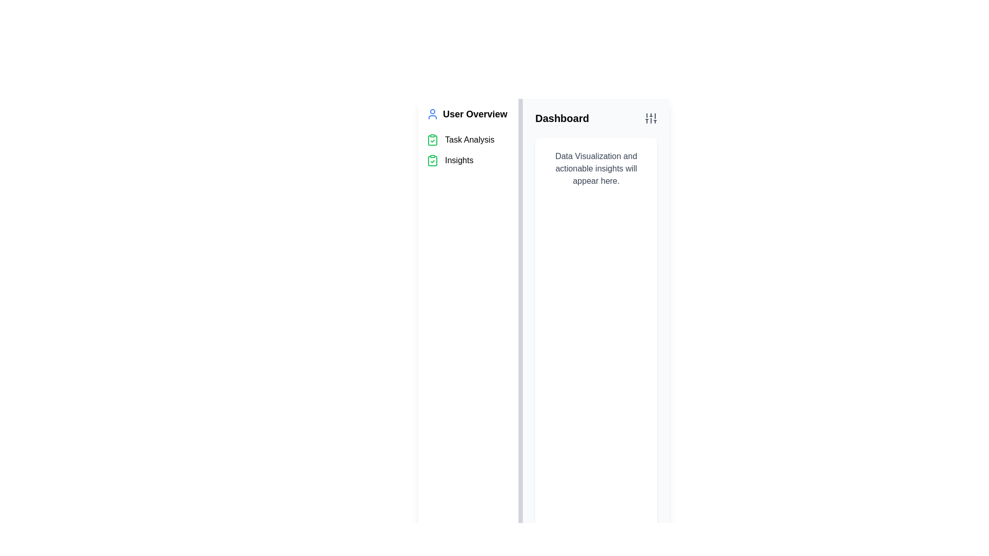 This screenshot has height=556, width=989. What do you see at coordinates (596, 168) in the screenshot?
I see `the informational text element located in the white background card area under the 'Dashboard' section, positioned towards the top-central area of the card` at bounding box center [596, 168].